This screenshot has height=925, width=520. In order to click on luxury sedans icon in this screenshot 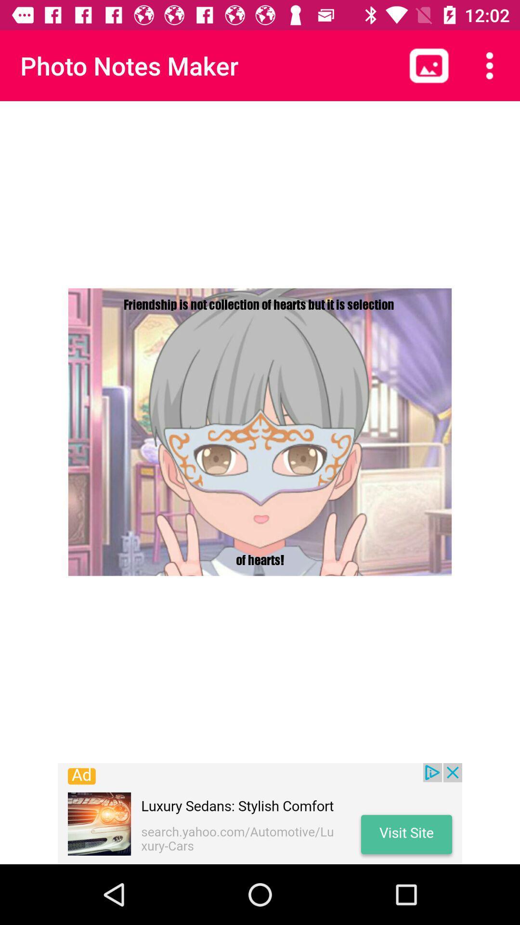, I will do `click(260, 813)`.